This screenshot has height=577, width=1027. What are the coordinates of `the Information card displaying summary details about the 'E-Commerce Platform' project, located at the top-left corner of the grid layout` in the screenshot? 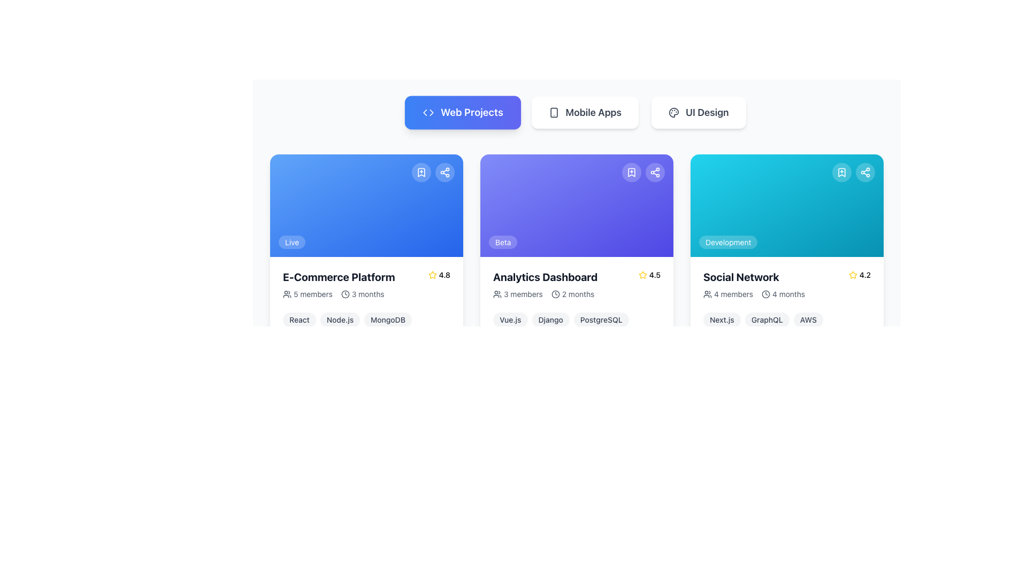 It's located at (366, 266).